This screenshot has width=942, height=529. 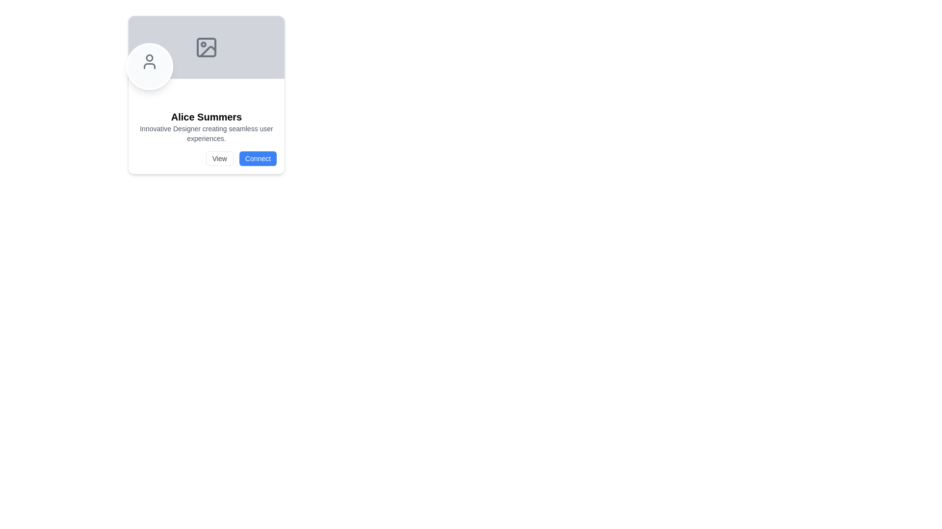 What do you see at coordinates (206, 117) in the screenshot?
I see `the text label displaying 'Alice Summers', which is bold and large, located at the top of the user profile card` at bounding box center [206, 117].